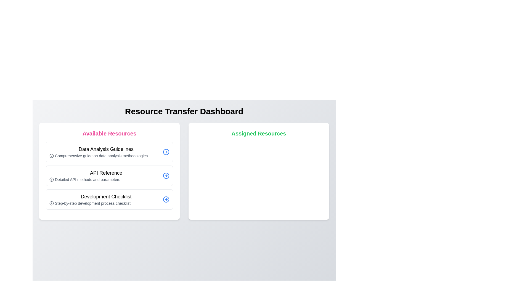 The height and width of the screenshot is (298, 530). What do you see at coordinates (166, 175) in the screenshot?
I see `the blue circular arrow icon styled button located to the right of the 'API Reference' entry in the 'Available Resources' list` at bounding box center [166, 175].